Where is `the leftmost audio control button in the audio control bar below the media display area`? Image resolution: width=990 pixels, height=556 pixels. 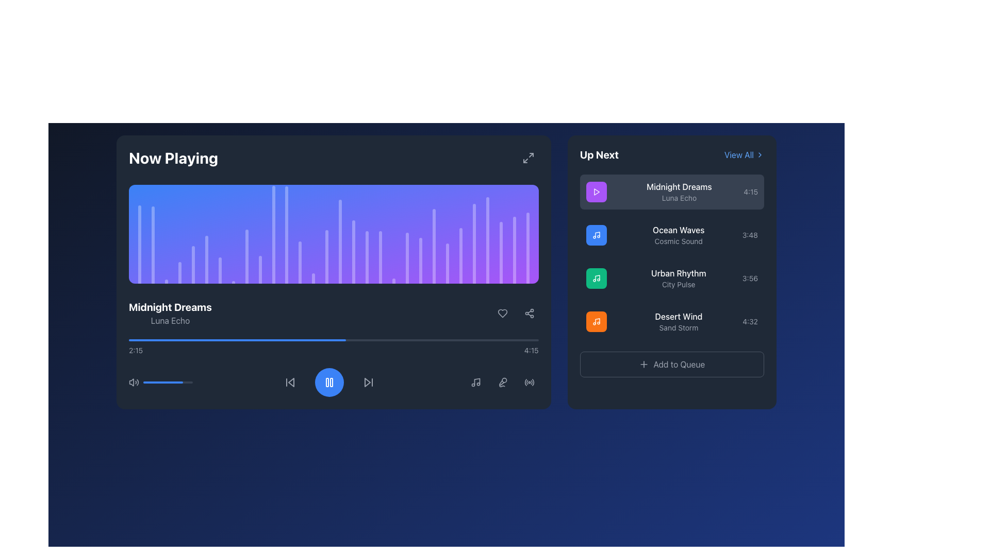 the leftmost audio control button in the audio control bar below the media display area is located at coordinates (130, 383).